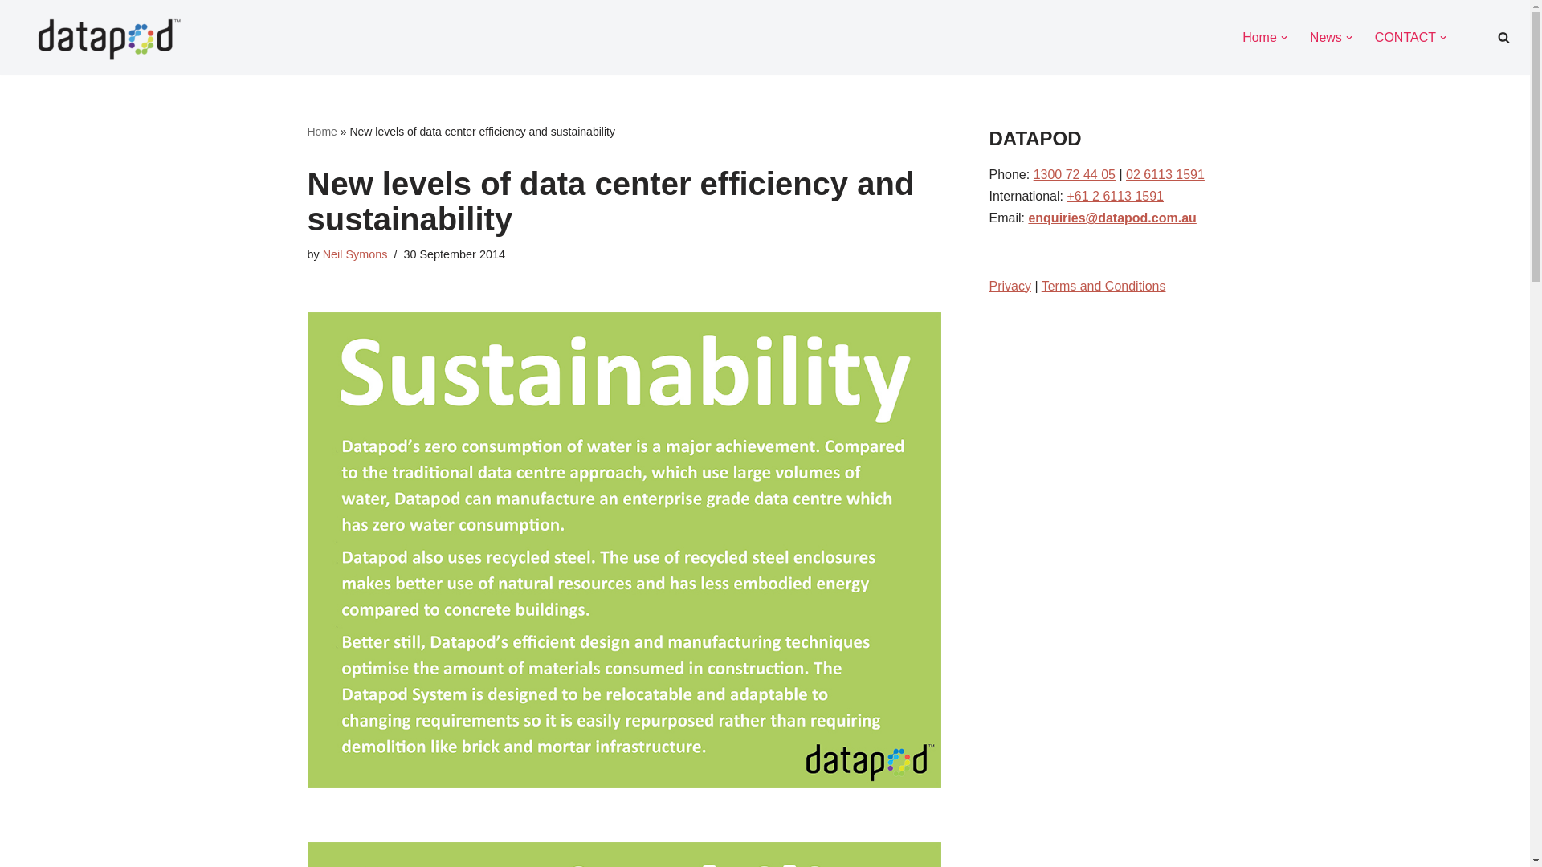 The width and height of the screenshot is (1542, 867). I want to click on 'enquiries@datapod.com.au', so click(1111, 218).